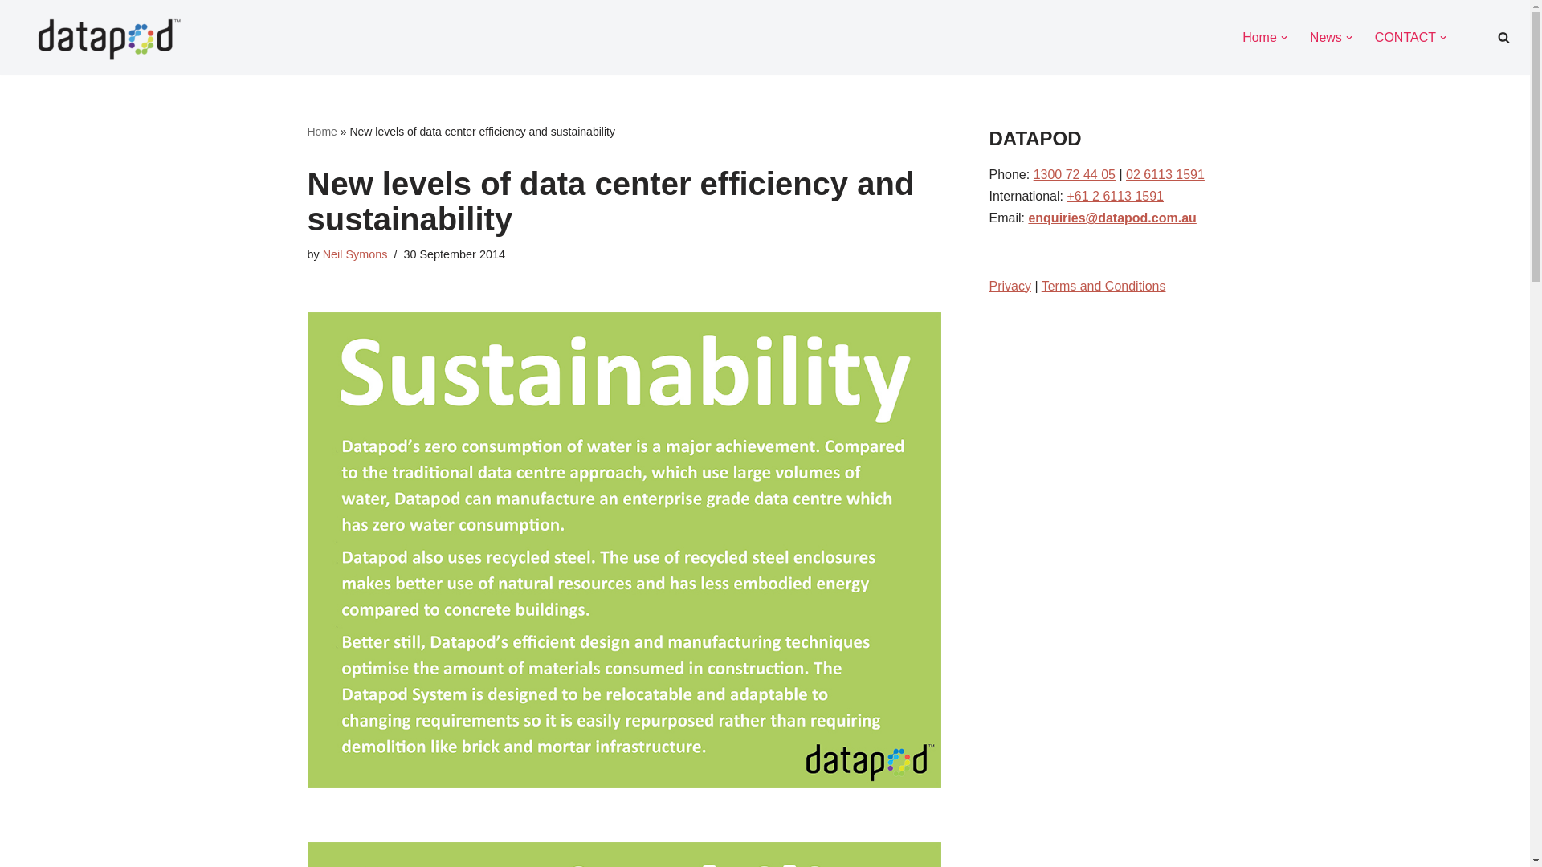 The width and height of the screenshot is (1542, 867). I want to click on 'enquiries@datapod.com.au', so click(1111, 218).